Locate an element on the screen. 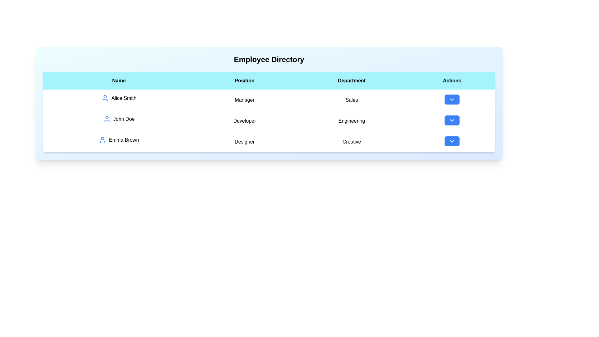 The height and width of the screenshot is (337, 599). the blue rectangular button with a downward-pointing chevron arrow, located is located at coordinates (452, 121).